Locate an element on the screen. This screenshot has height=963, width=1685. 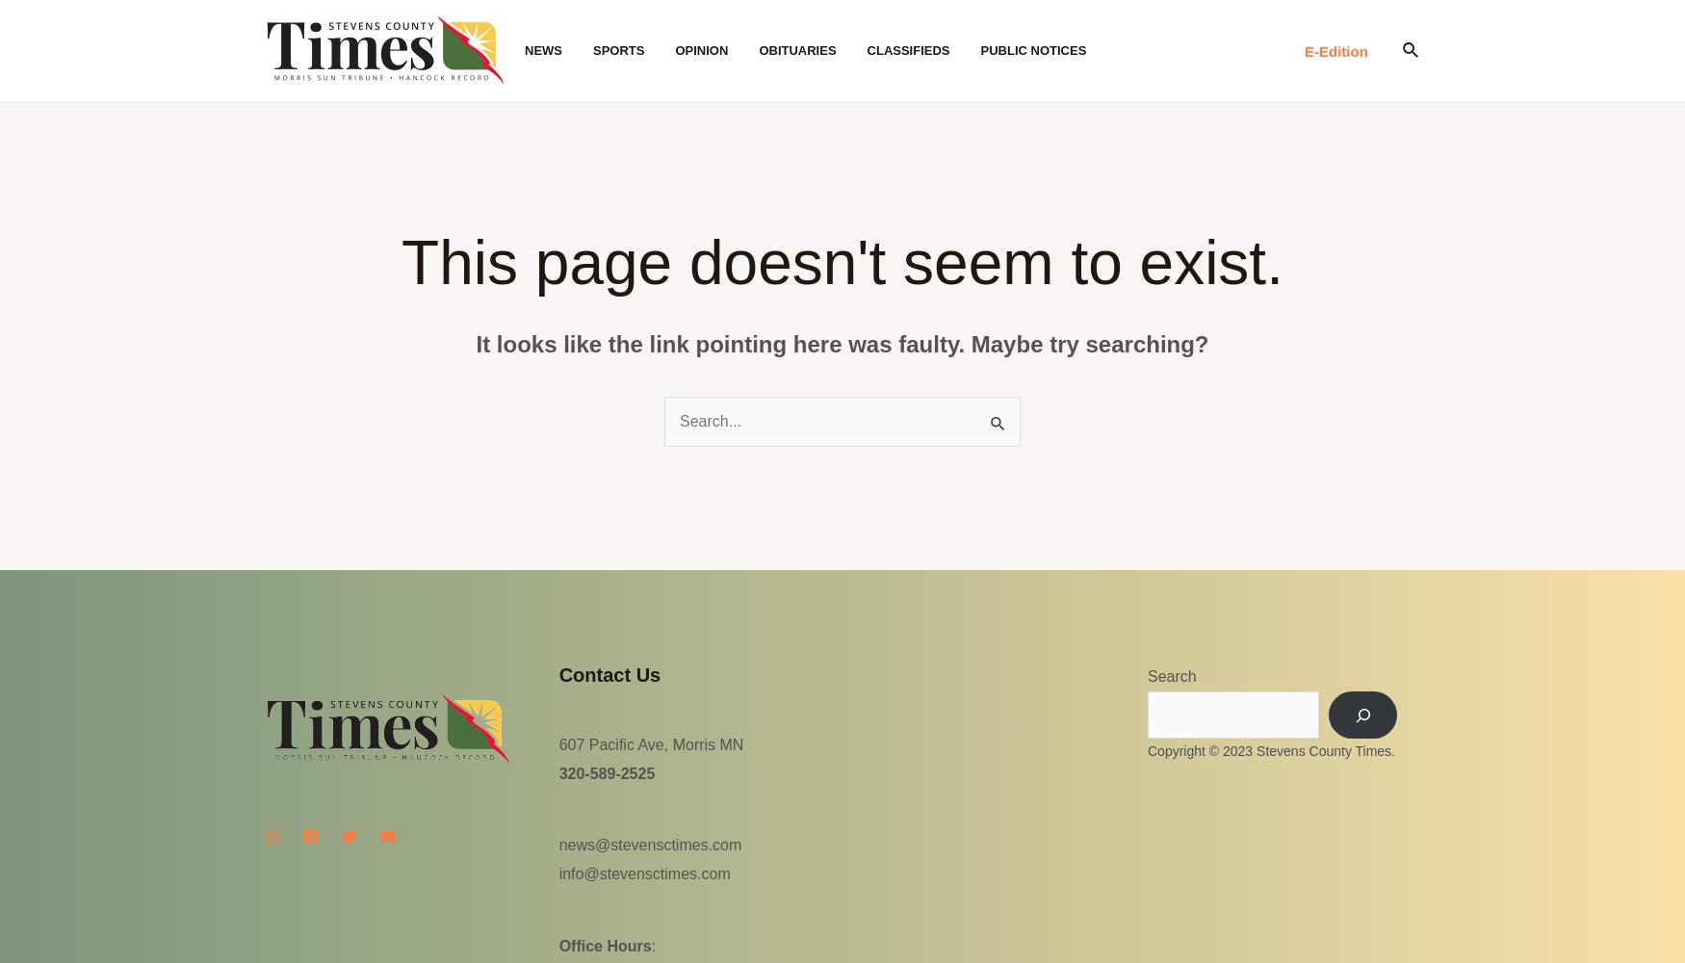
'Sports' is located at coordinates (617, 50).